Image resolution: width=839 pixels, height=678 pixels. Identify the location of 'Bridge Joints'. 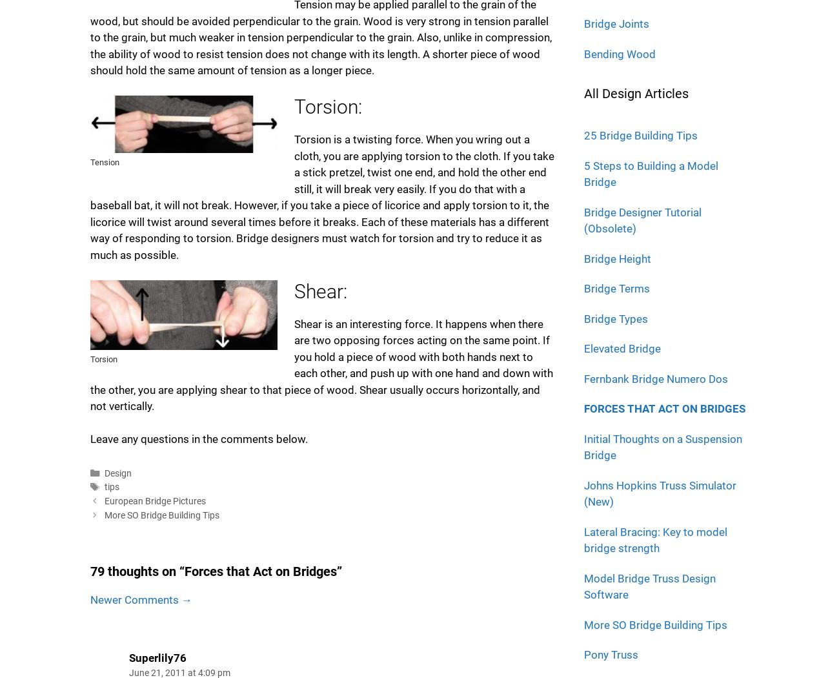
(616, 23).